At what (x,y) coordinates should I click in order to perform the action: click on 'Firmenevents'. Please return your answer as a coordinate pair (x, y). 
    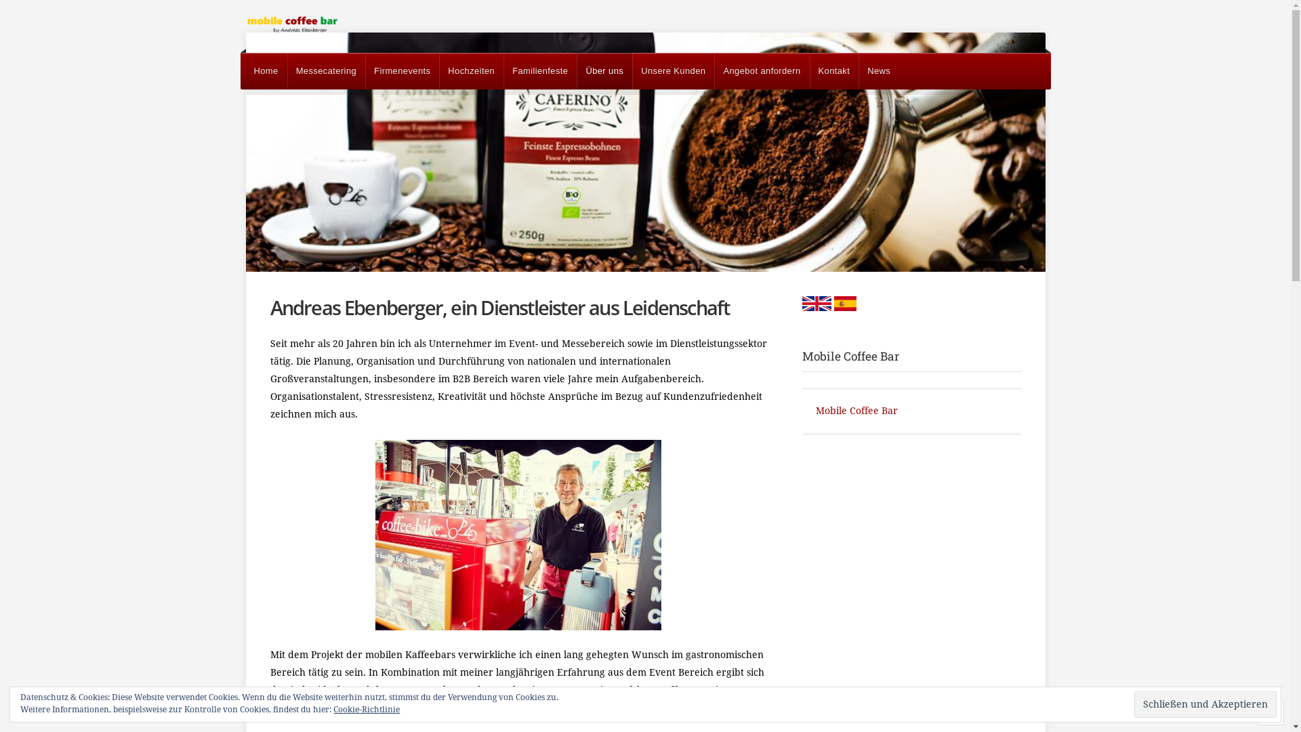
    Looking at the image, I should click on (401, 70).